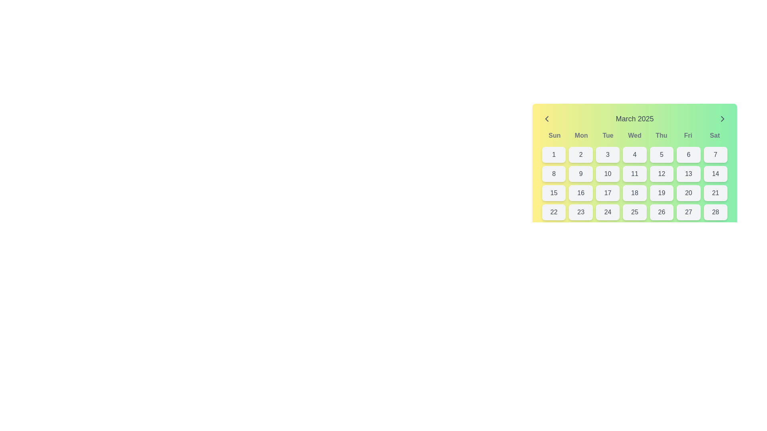 This screenshot has height=431, width=767. Describe the element at coordinates (608, 135) in the screenshot. I see `the static text label representing Tuesday in the calendar view, which is the third item in the row of seven days` at that location.